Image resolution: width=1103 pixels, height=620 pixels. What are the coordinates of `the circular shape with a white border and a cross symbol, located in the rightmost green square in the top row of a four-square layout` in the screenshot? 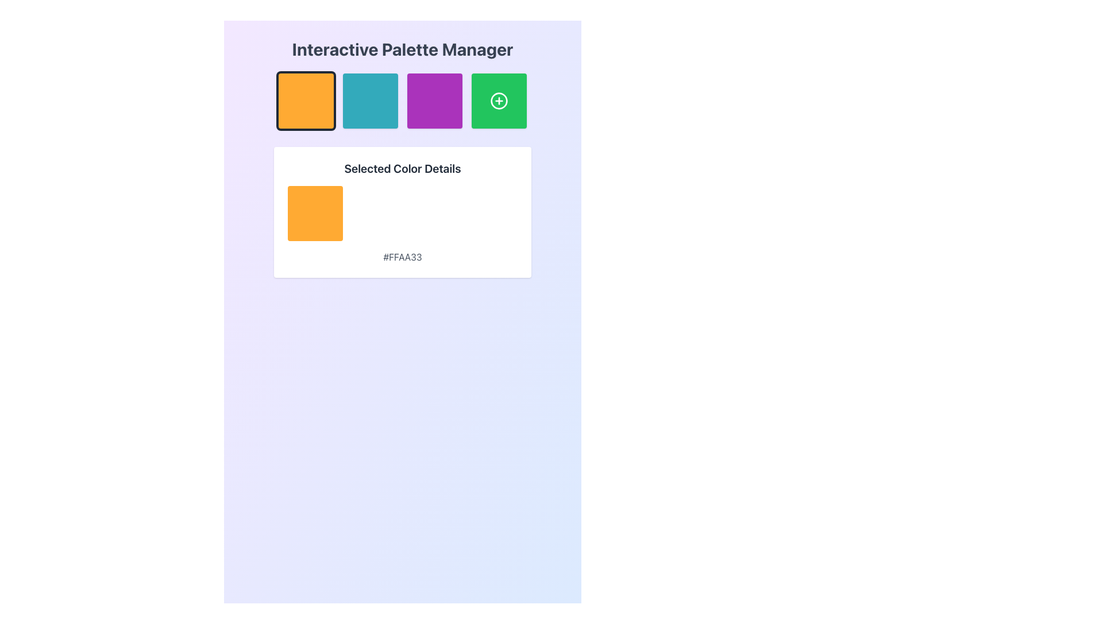 It's located at (499, 100).